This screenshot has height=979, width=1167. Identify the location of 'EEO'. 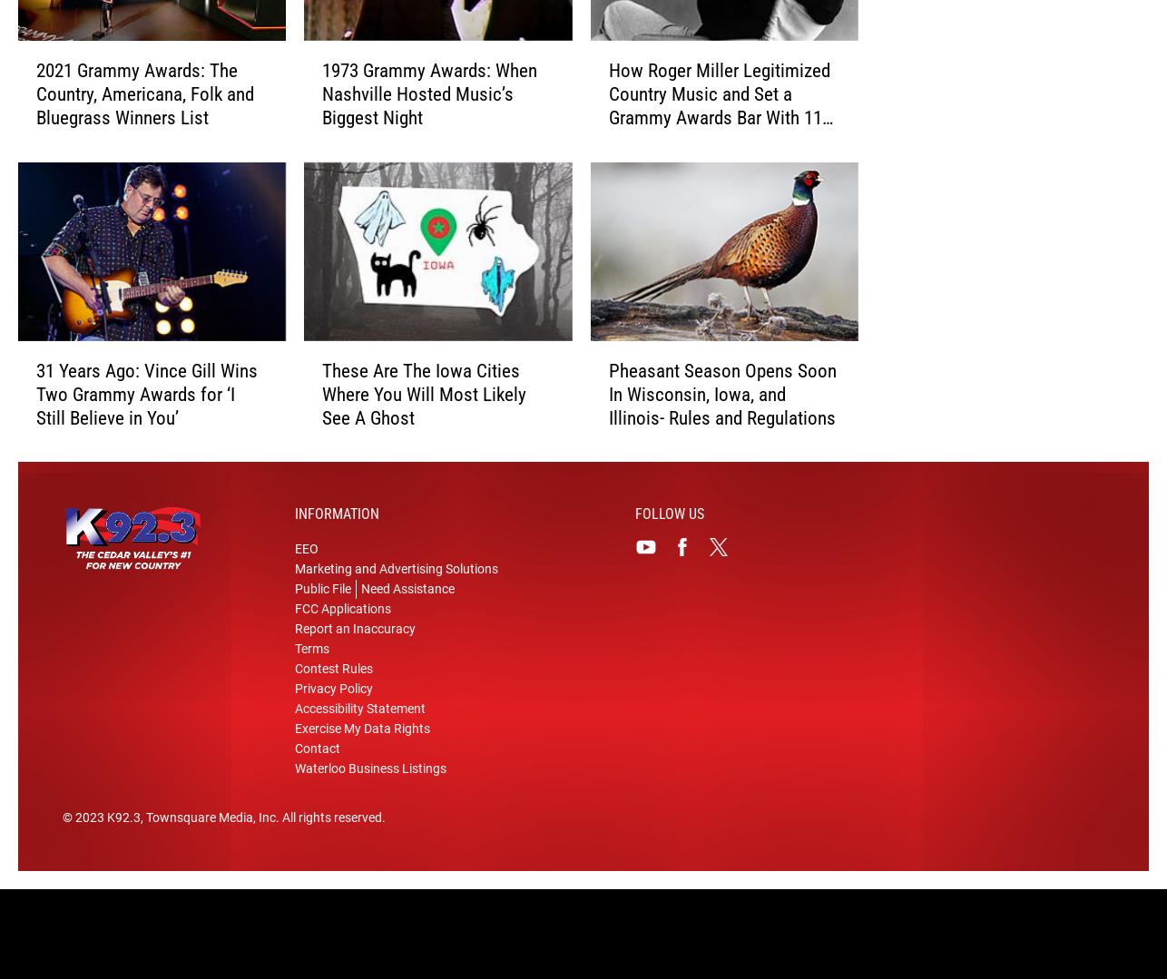
(305, 577).